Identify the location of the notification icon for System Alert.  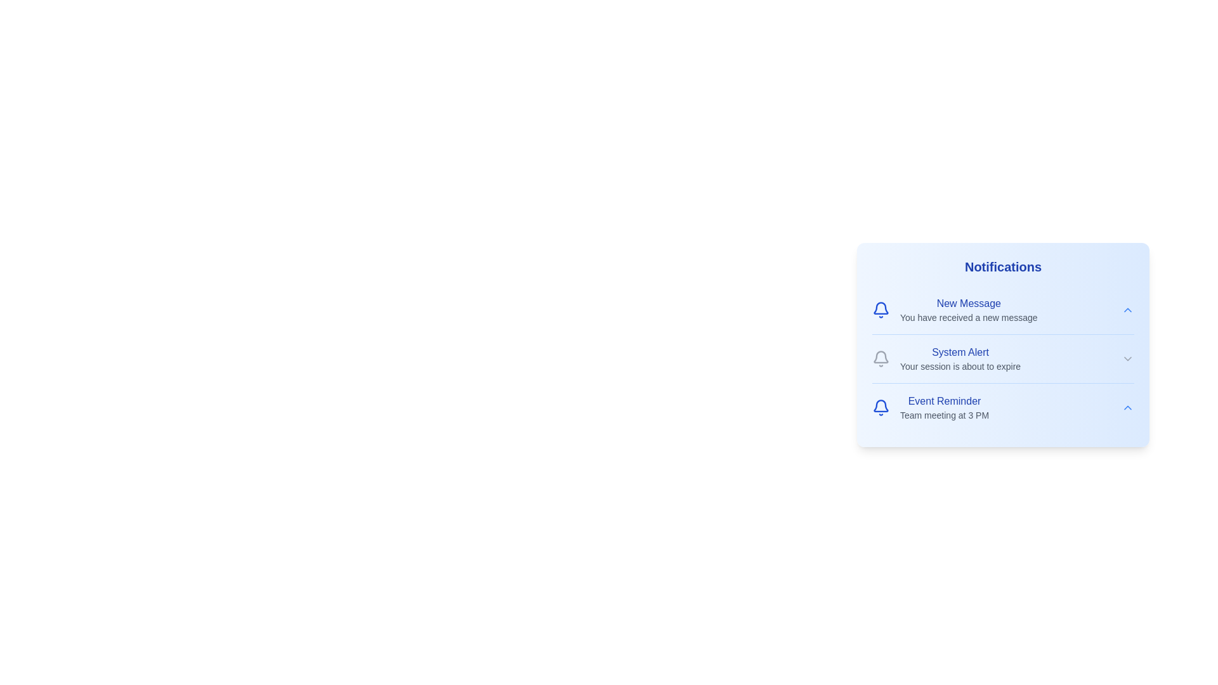
(880, 359).